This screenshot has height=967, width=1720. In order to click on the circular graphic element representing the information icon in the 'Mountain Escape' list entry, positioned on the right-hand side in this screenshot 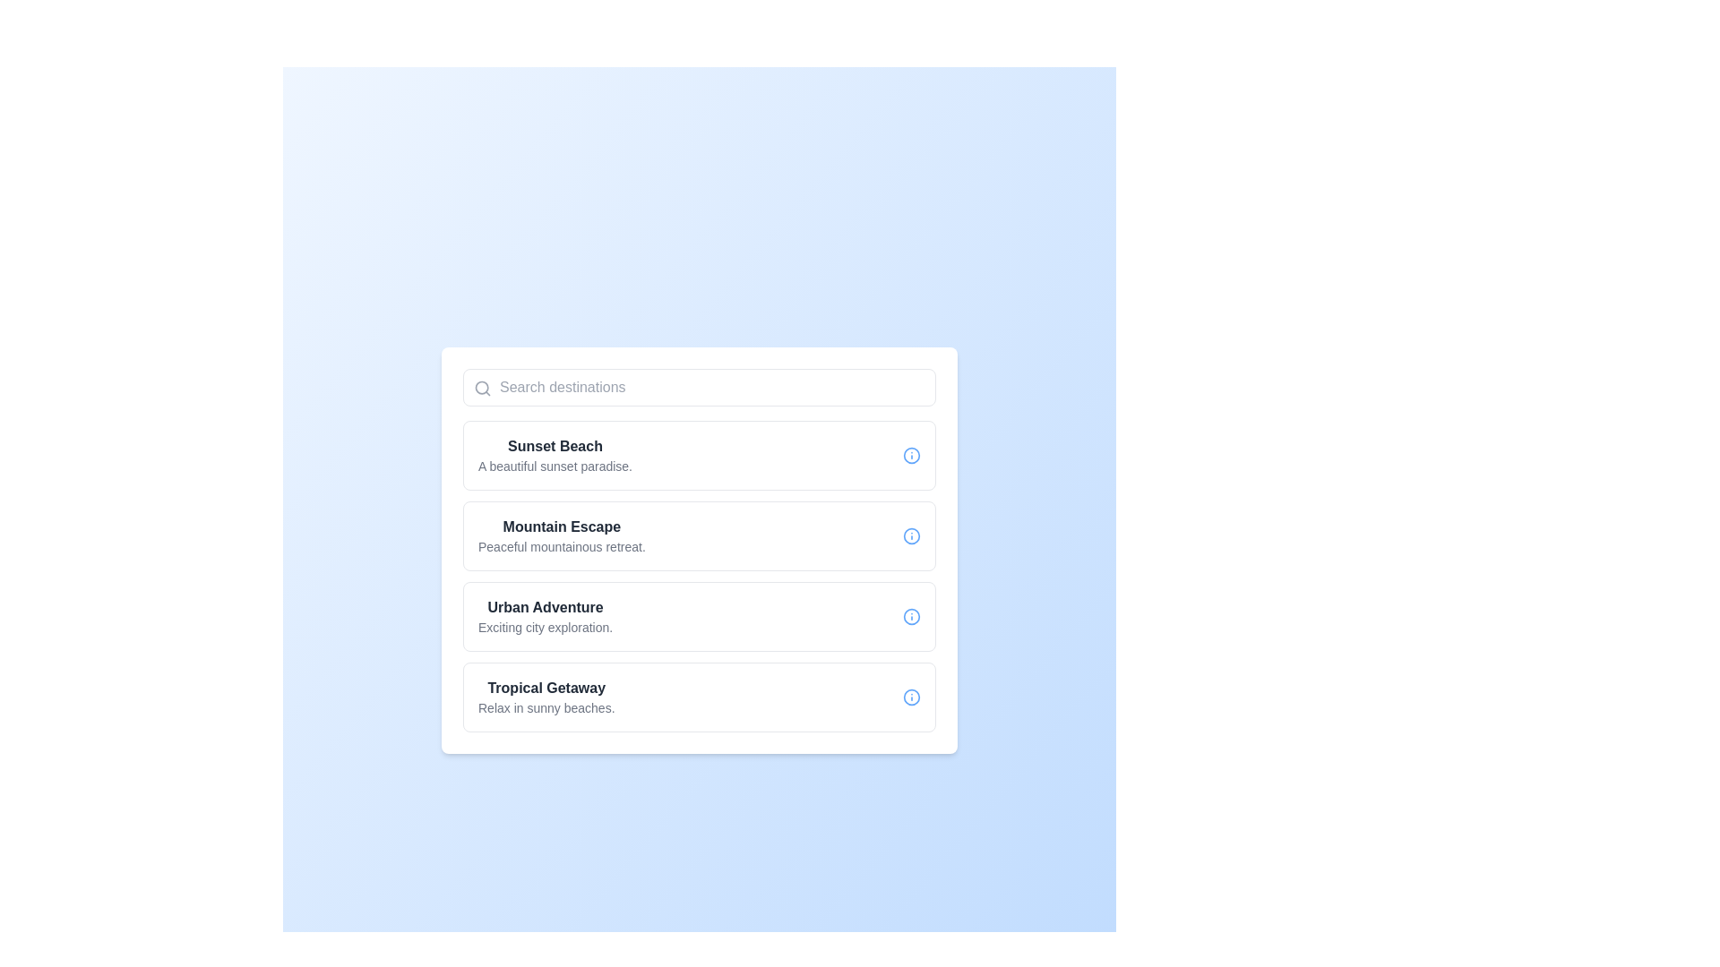, I will do `click(911, 535)`.